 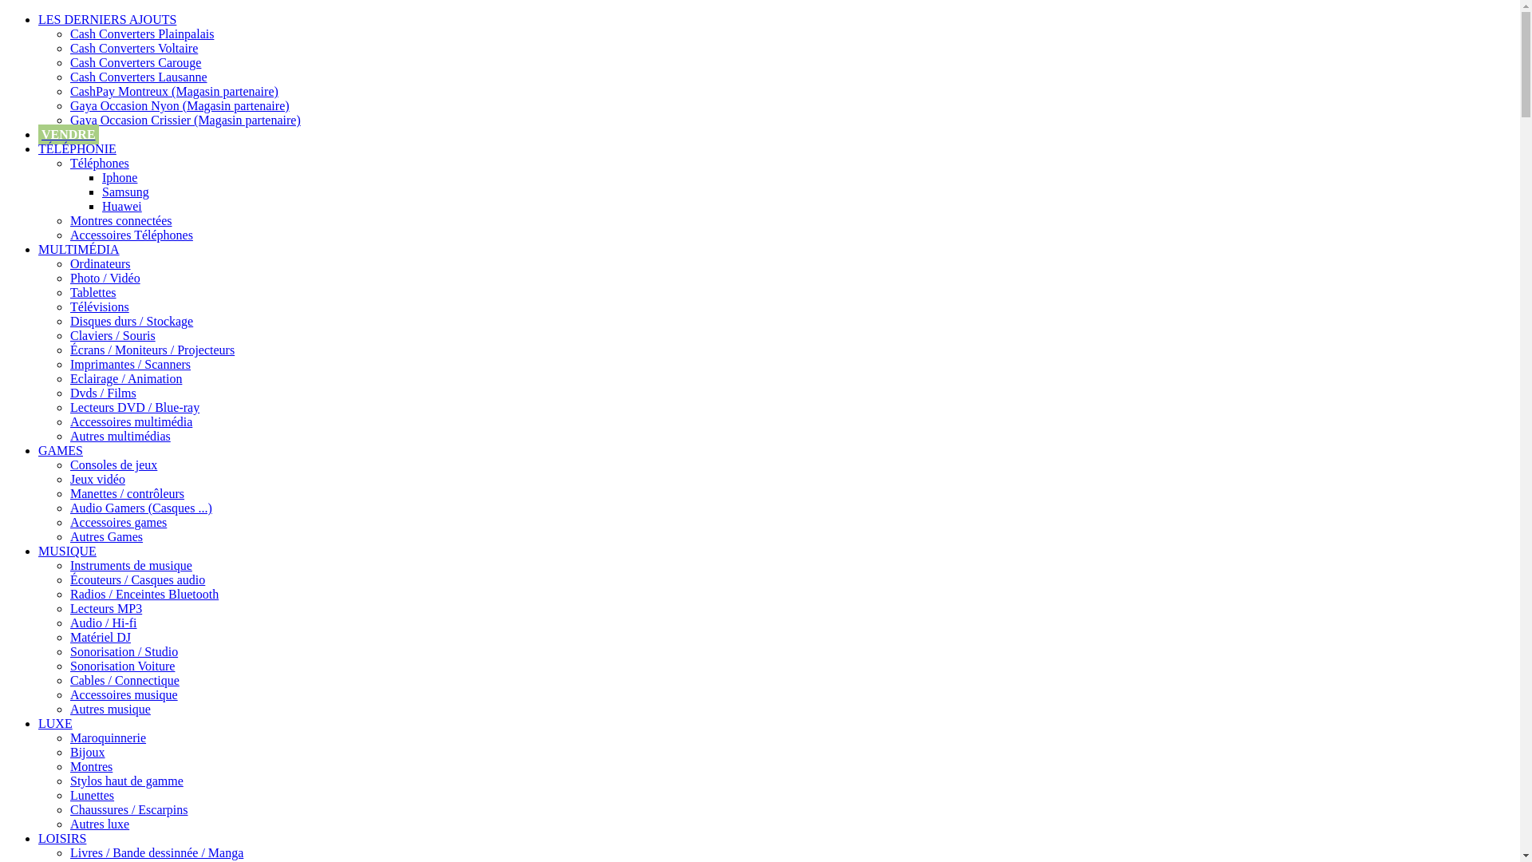 I want to click on 'Dvds / Films', so click(x=102, y=393).